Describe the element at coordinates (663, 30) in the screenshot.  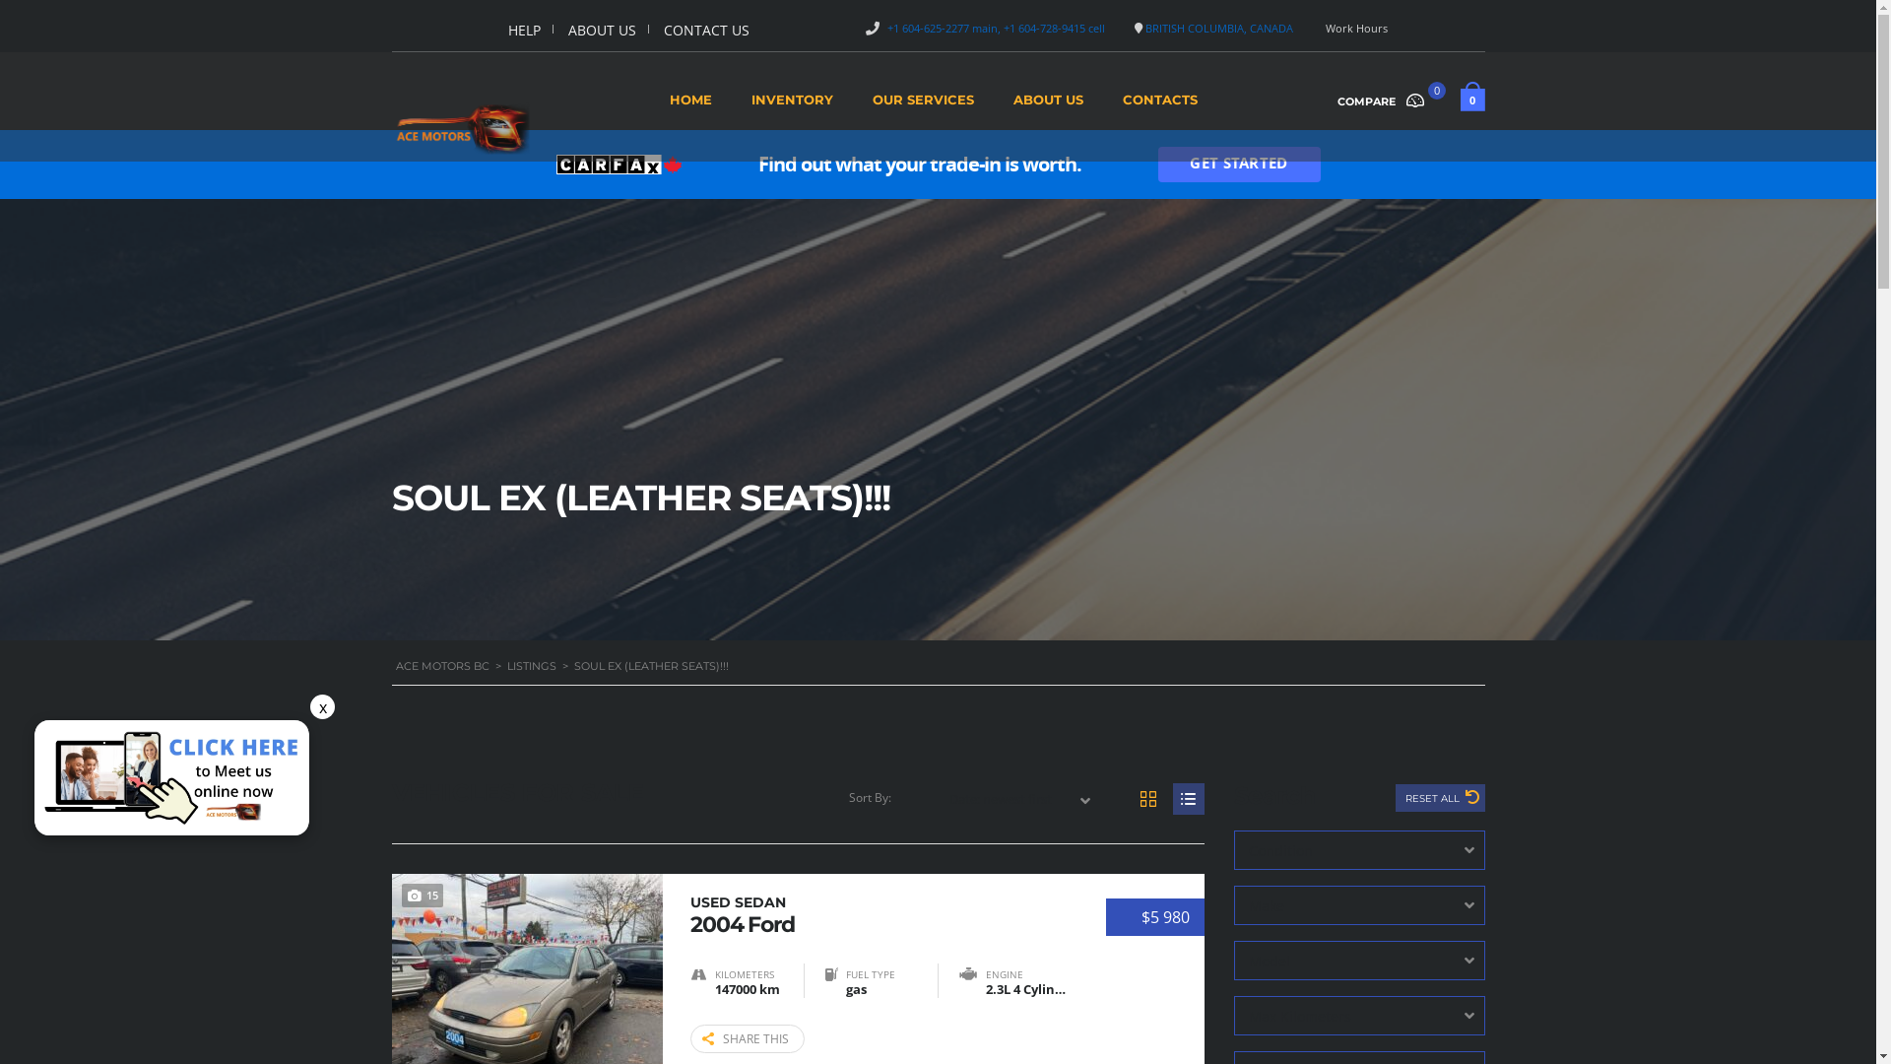
I see `'CONTACT US'` at that location.